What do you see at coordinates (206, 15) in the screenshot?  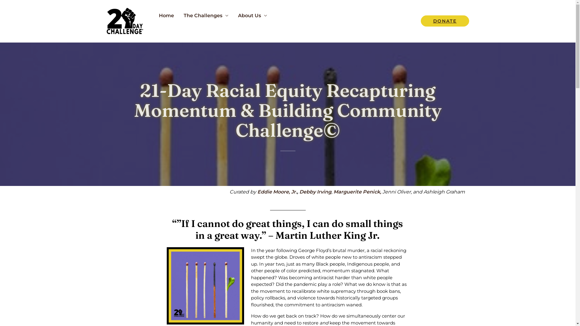 I see `'The Challenges'` at bounding box center [206, 15].